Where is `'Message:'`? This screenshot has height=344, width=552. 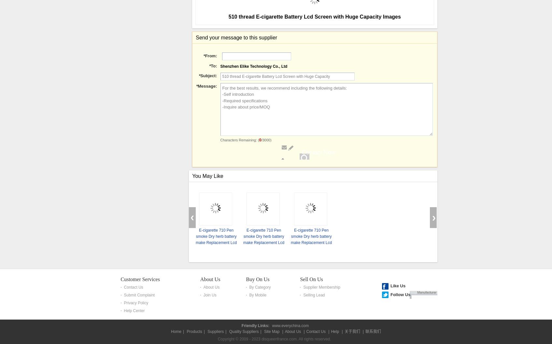 'Message:' is located at coordinates (207, 271).